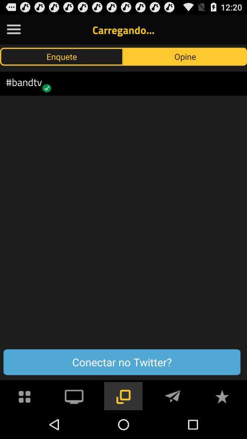 The width and height of the screenshot is (247, 439). Describe the element at coordinates (172, 395) in the screenshot. I see `send button` at that location.